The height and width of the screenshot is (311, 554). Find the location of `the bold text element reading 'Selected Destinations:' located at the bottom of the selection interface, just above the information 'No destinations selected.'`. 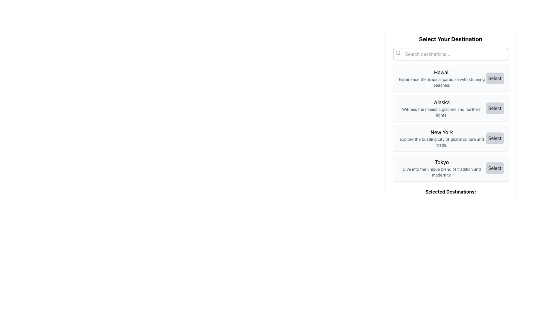

the bold text element reading 'Selected Destinations:' located at the bottom of the selection interface, just above the information 'No destinations selected.' is located at coordinates (450, 192).